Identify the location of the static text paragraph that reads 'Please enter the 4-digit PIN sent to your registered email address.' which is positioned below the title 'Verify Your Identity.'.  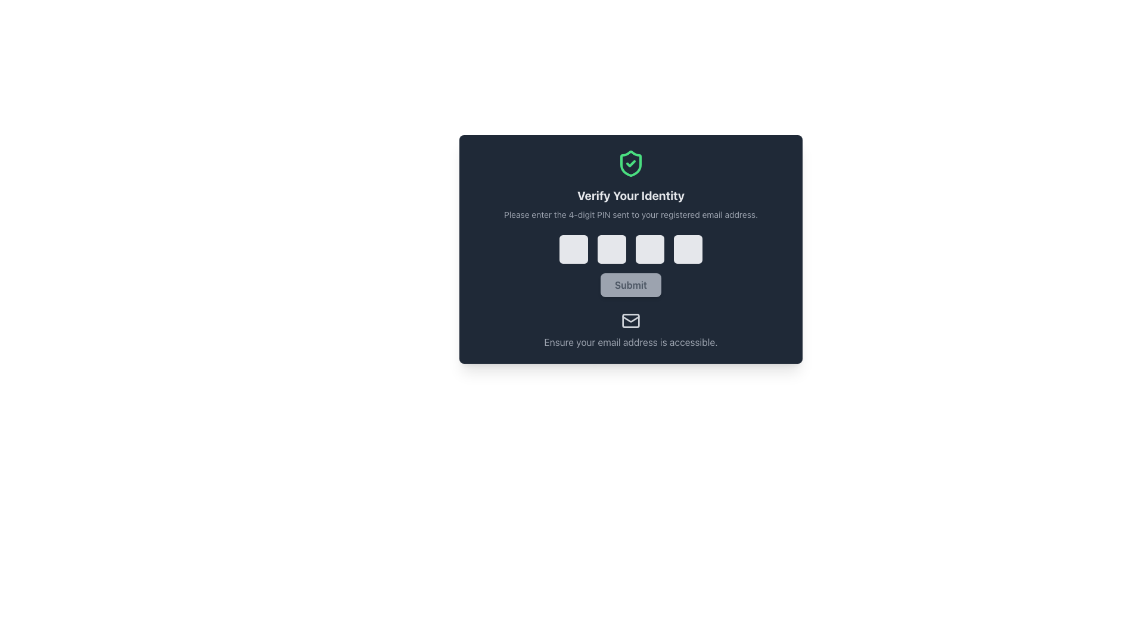
(630, 215).